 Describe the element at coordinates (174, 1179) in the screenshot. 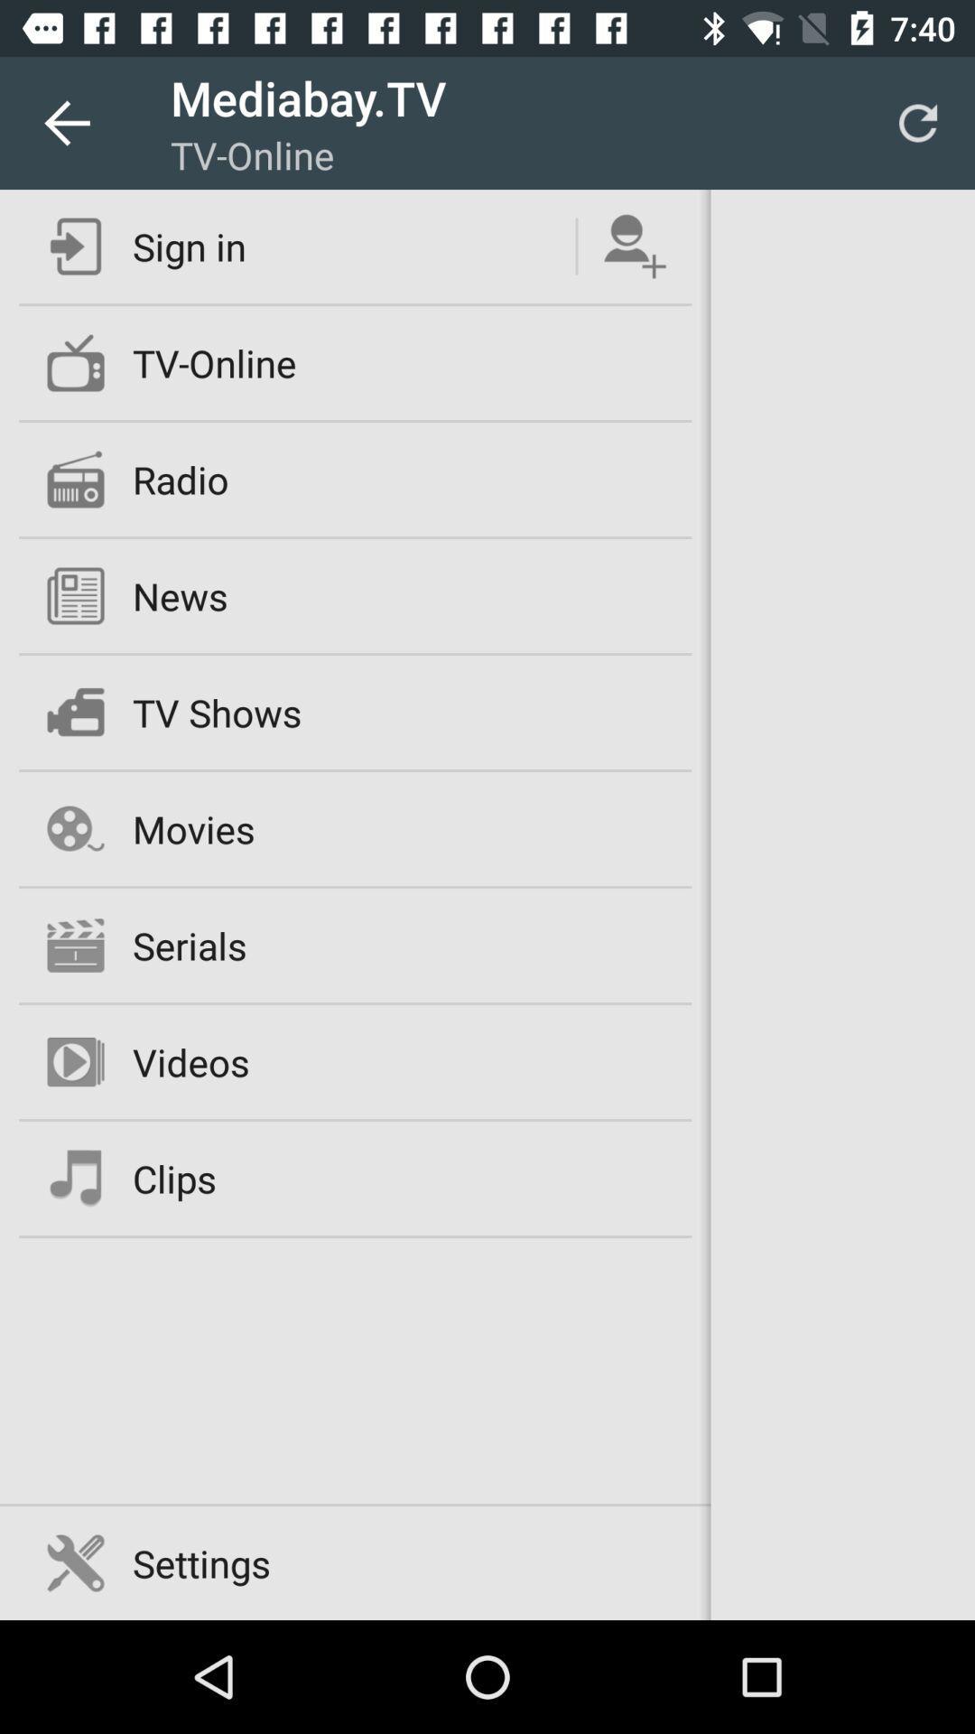

I see `clips icon` at that location.